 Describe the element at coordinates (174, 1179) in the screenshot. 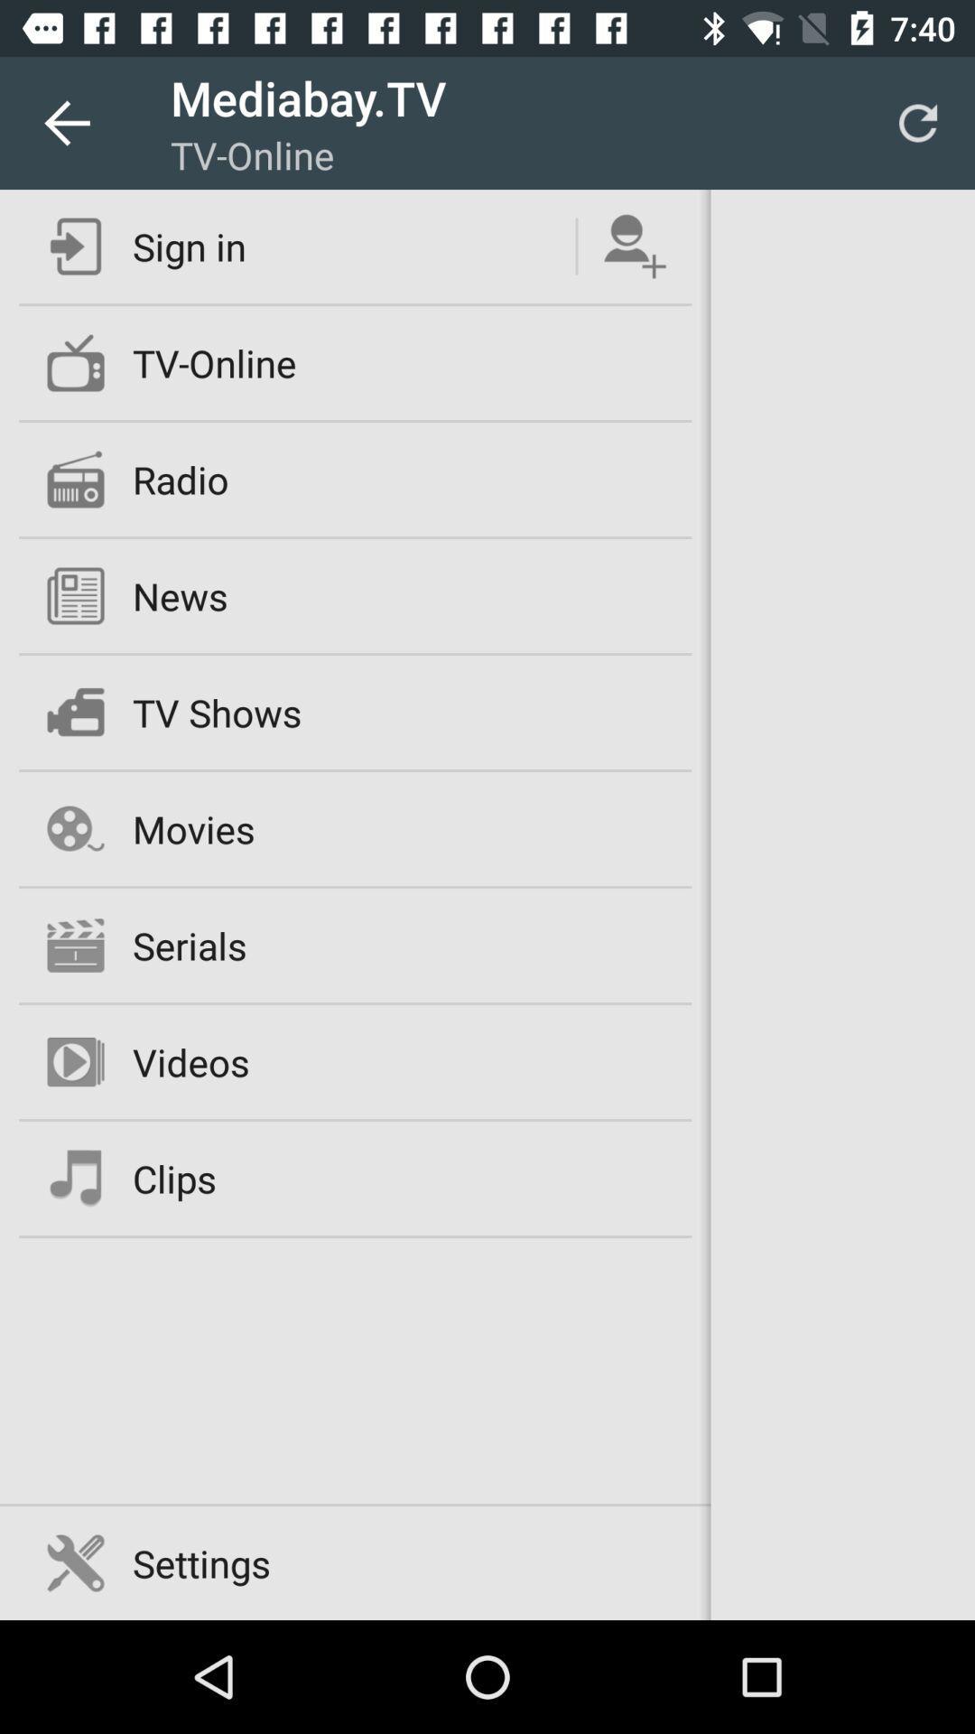

I see `clips icon` at that location.